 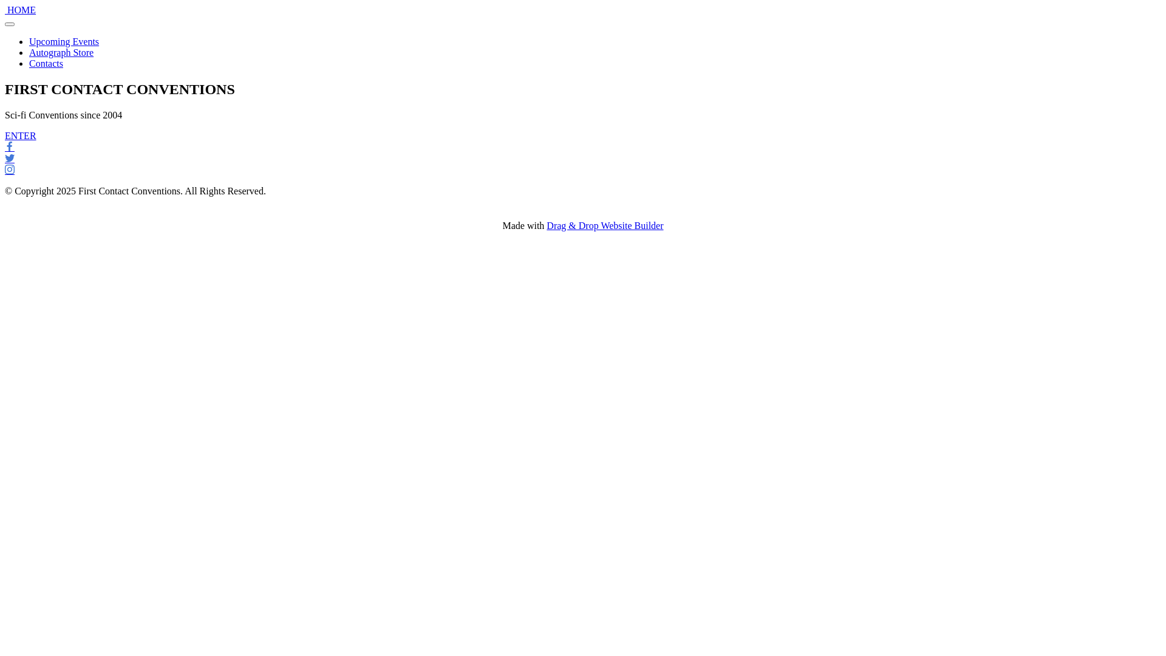 I want to click on 'Contacts', so click(x=46, y=63).